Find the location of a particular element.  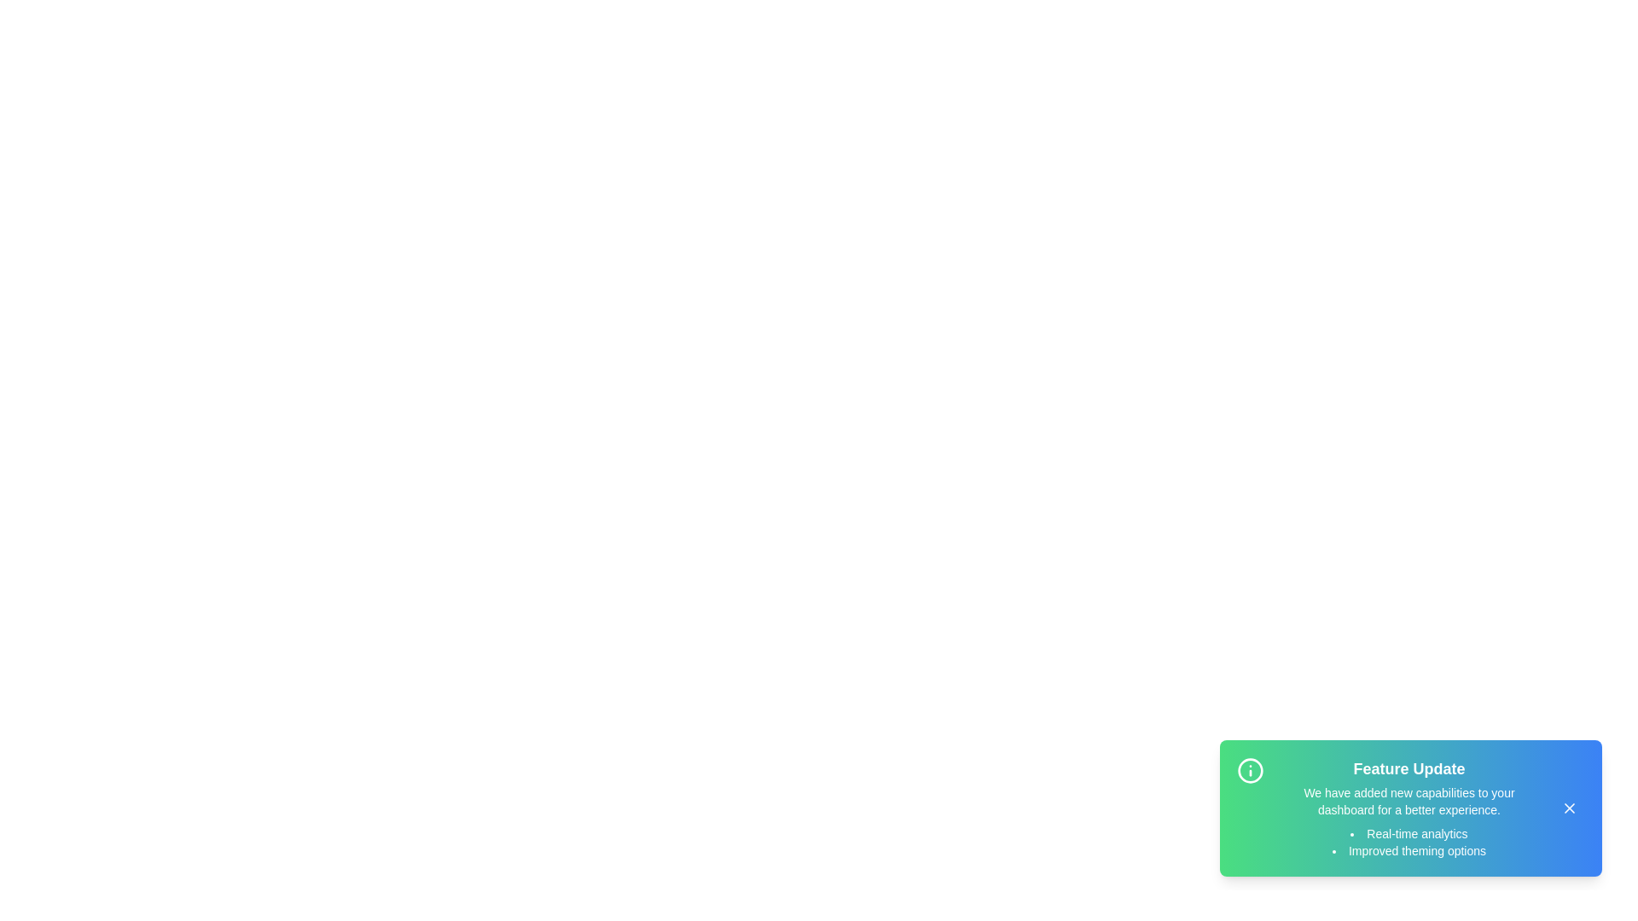

the close button to dismiss the snackbar is located at coordinates (1569, 808).